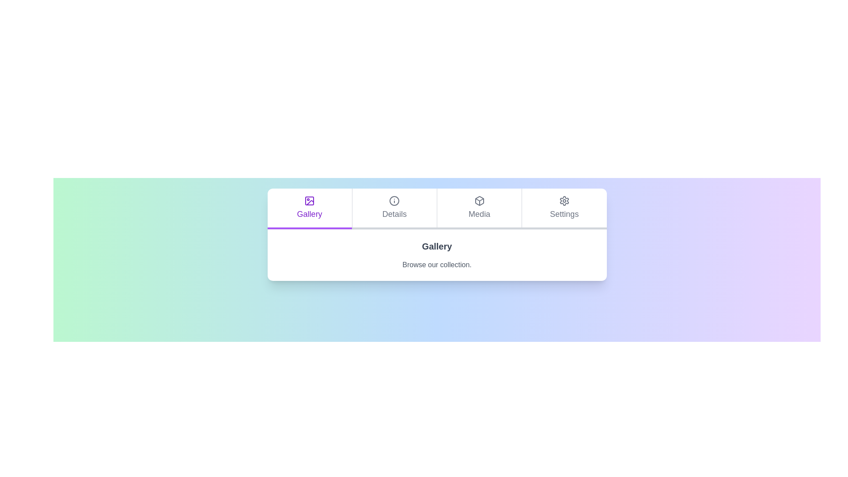  What do you see at coordinates (564, 209) in the screenshot?
I see `the Settings tab by clicking on its label` at bounding box center [564, 209].